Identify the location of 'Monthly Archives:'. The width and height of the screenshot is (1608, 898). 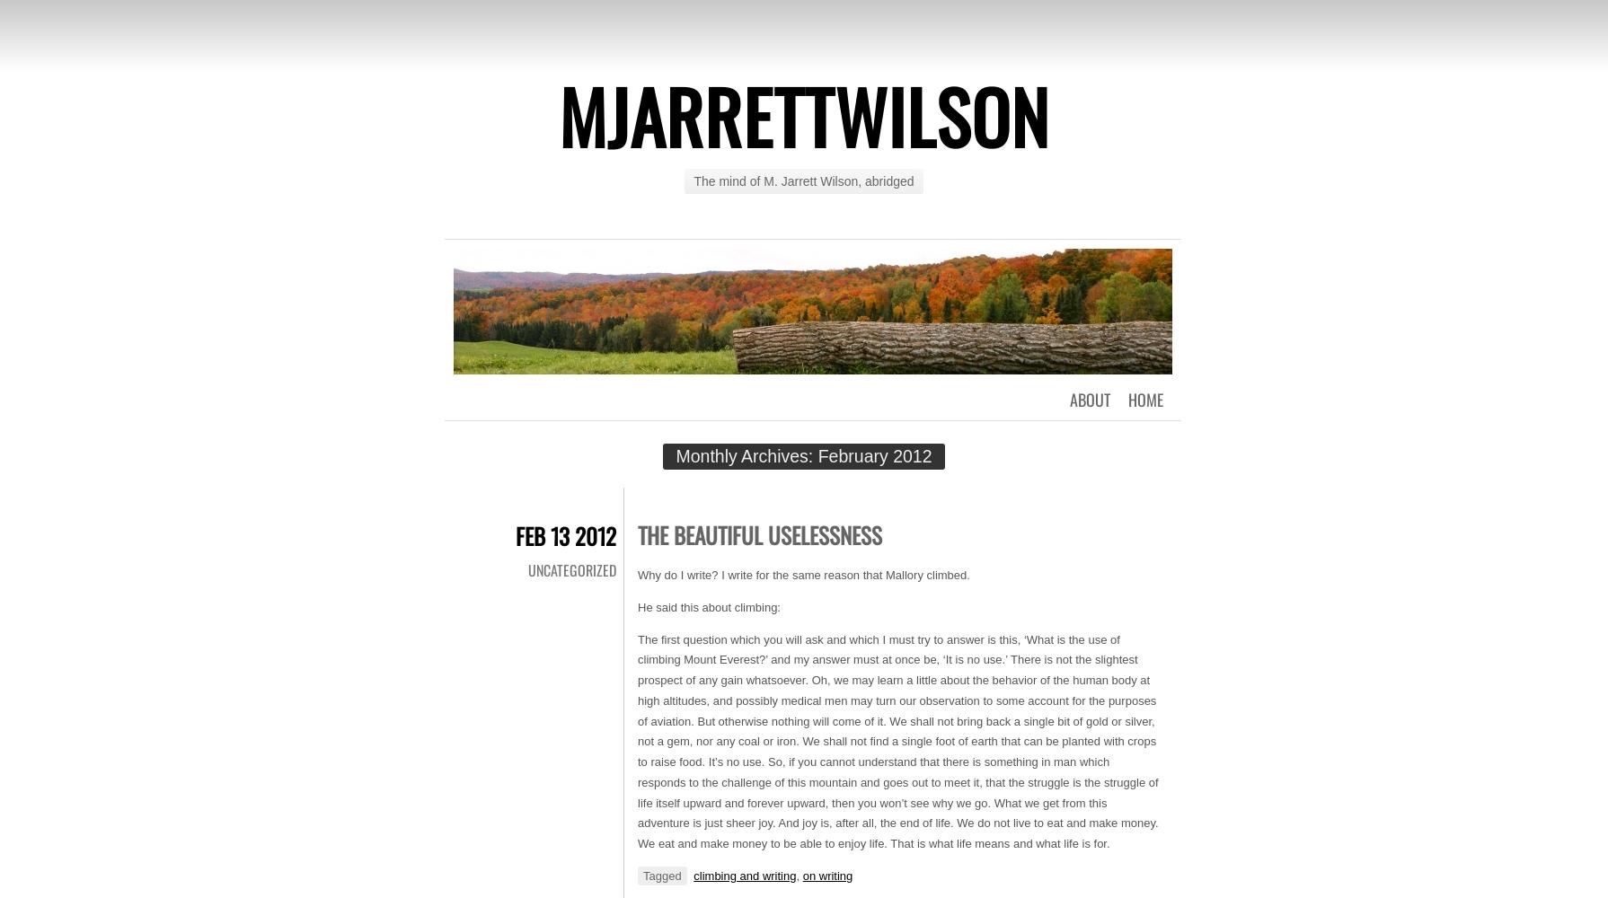
(745, 456).